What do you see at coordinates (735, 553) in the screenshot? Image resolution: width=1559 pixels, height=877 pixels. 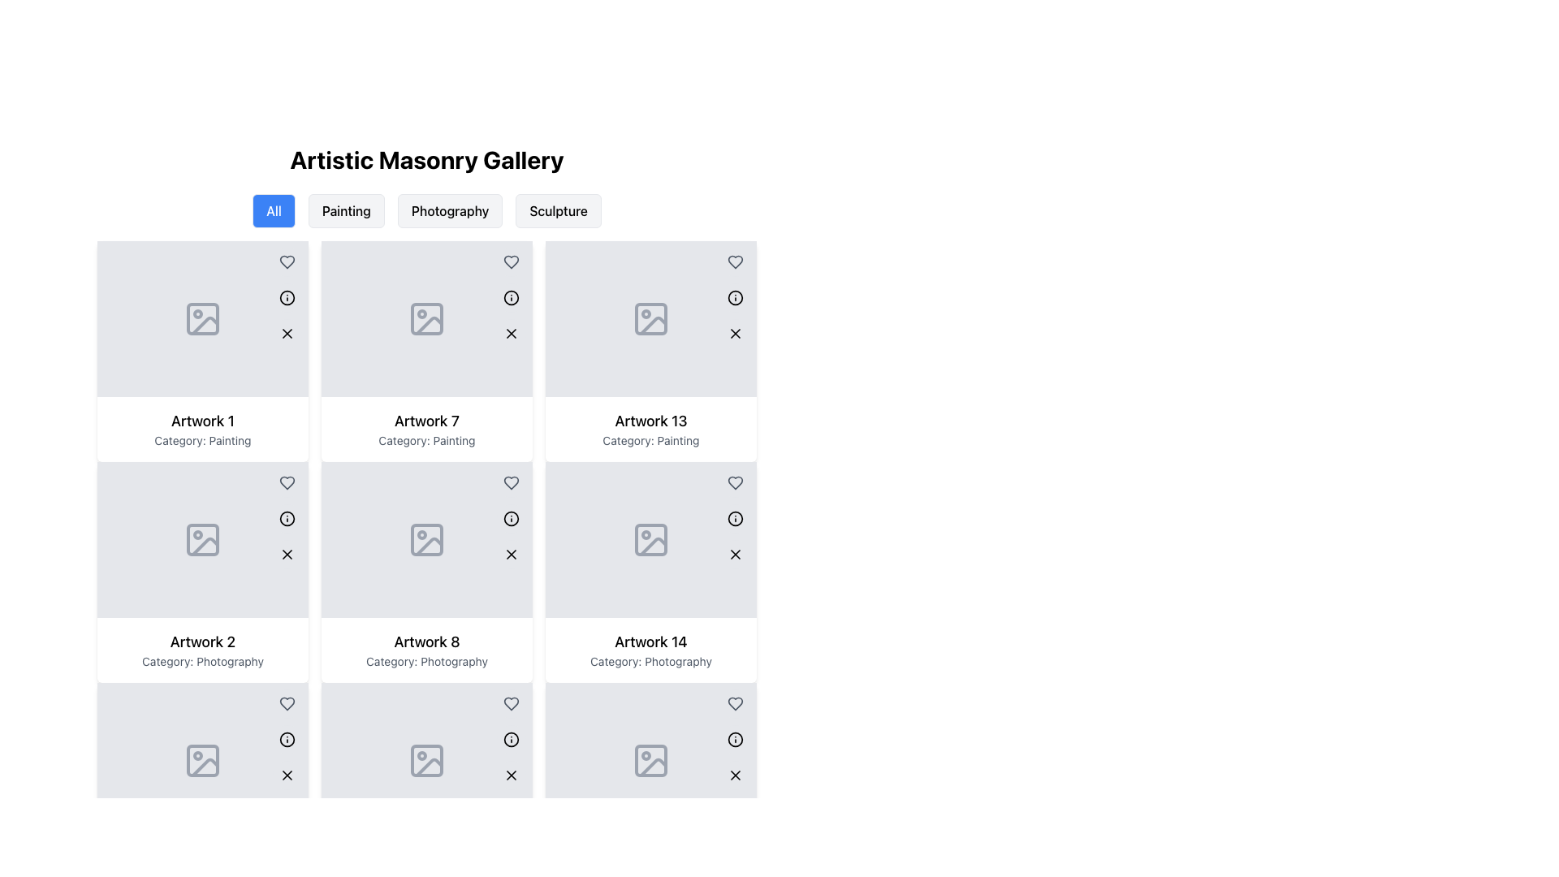 I see `the circular button with a gray background and an 'X' icon, positioned at the bottom of a vertical stack of similar buttons on the right side of the grid card labeled 'Artwork 13, Category: Painting'` at bounding box center [735, 553].